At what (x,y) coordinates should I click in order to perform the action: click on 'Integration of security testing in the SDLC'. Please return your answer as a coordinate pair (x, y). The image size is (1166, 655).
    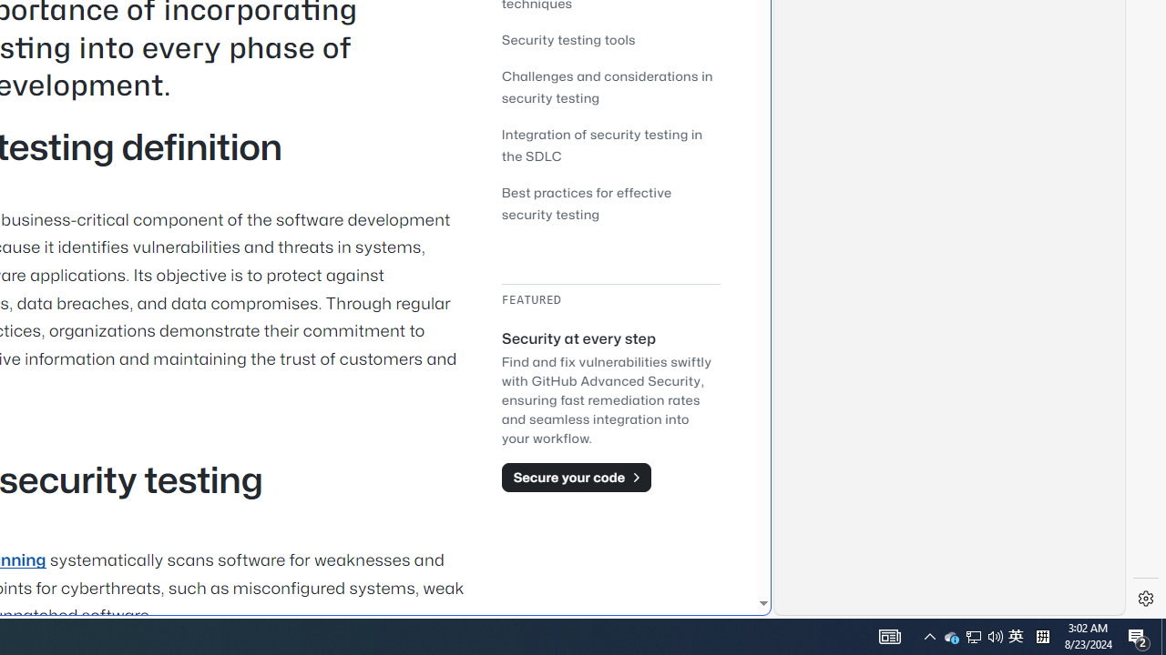
    Looking at the image, I should click on (610, 144).